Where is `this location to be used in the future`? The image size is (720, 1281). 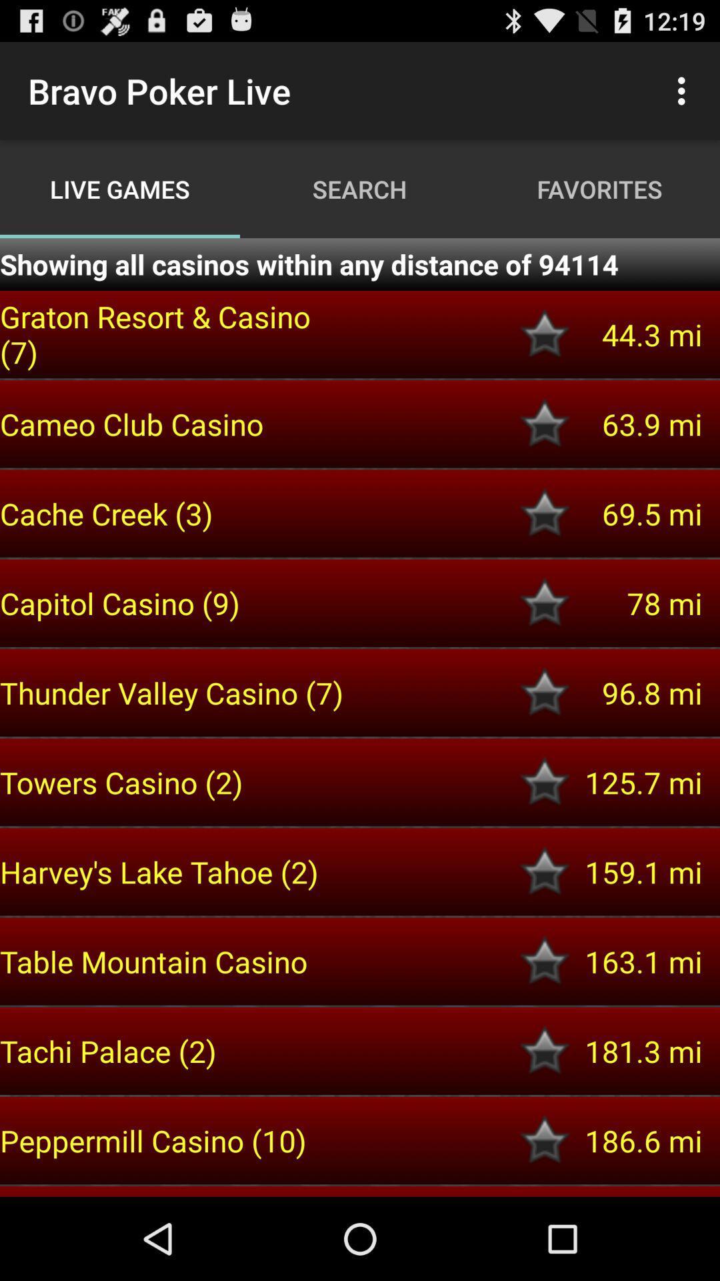
this location to be used in the future is located at coordinates (545, 602).